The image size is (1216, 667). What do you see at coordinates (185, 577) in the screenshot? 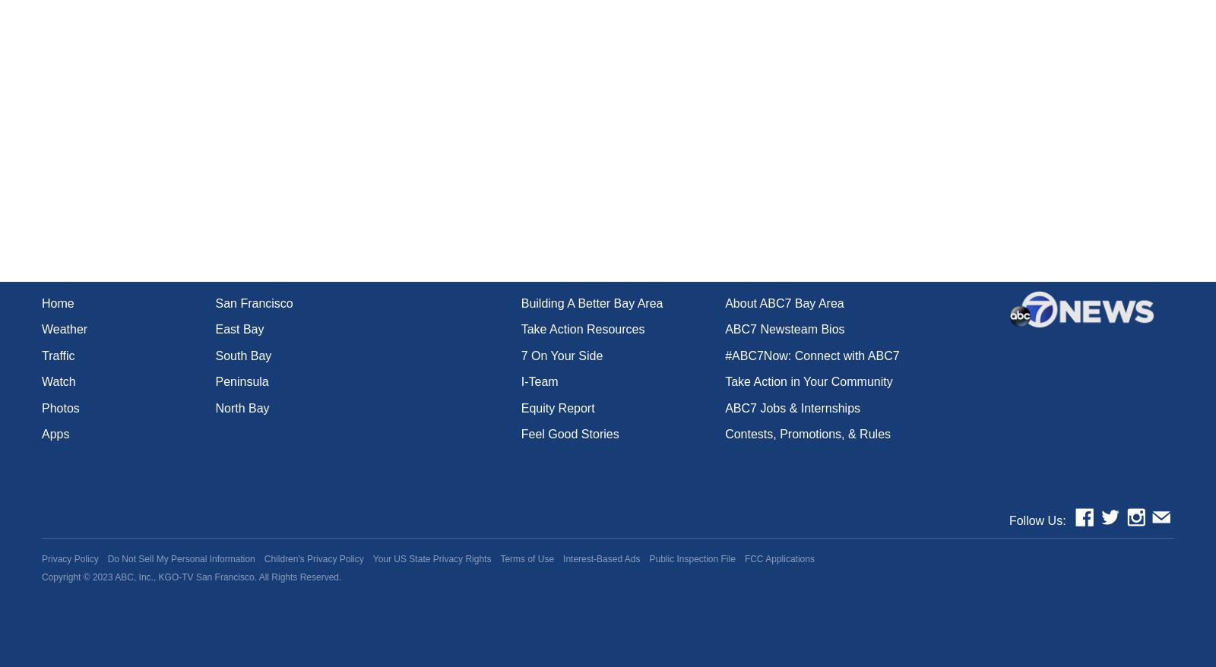
I see `'ABC, Inc., KGO-TV San Francisco.'` at bounding box center [185, 577].